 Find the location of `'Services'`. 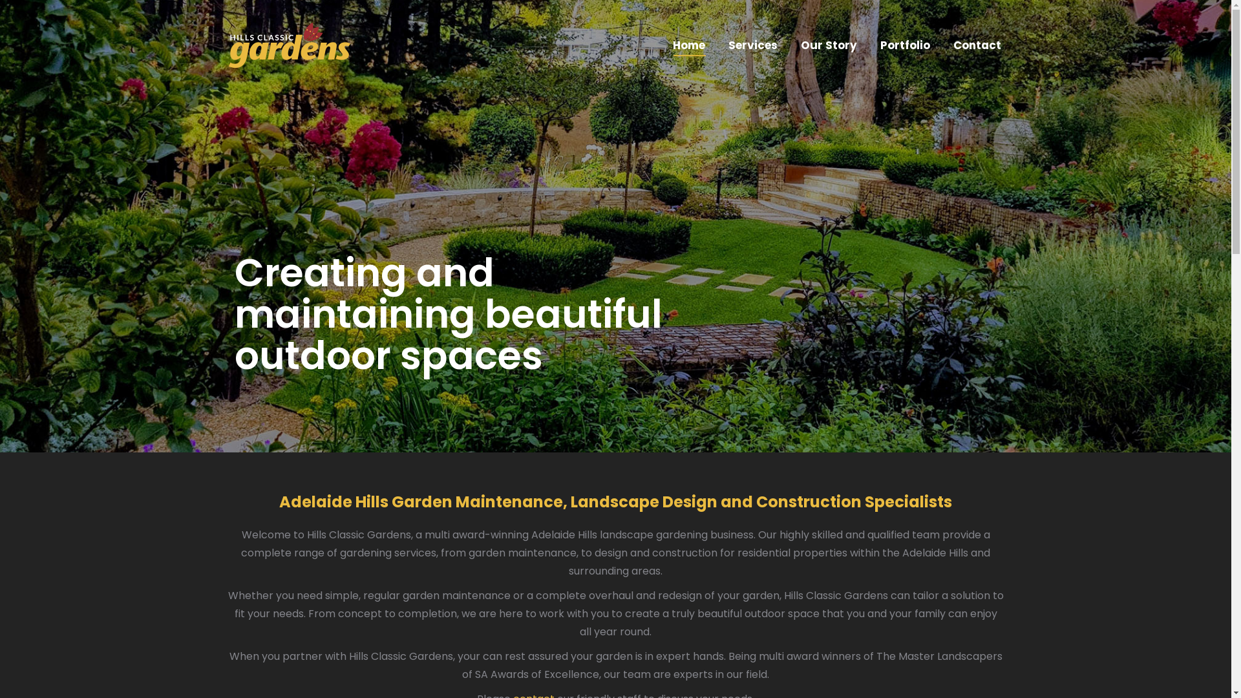

'Services' is located at coordinates (752, 45).